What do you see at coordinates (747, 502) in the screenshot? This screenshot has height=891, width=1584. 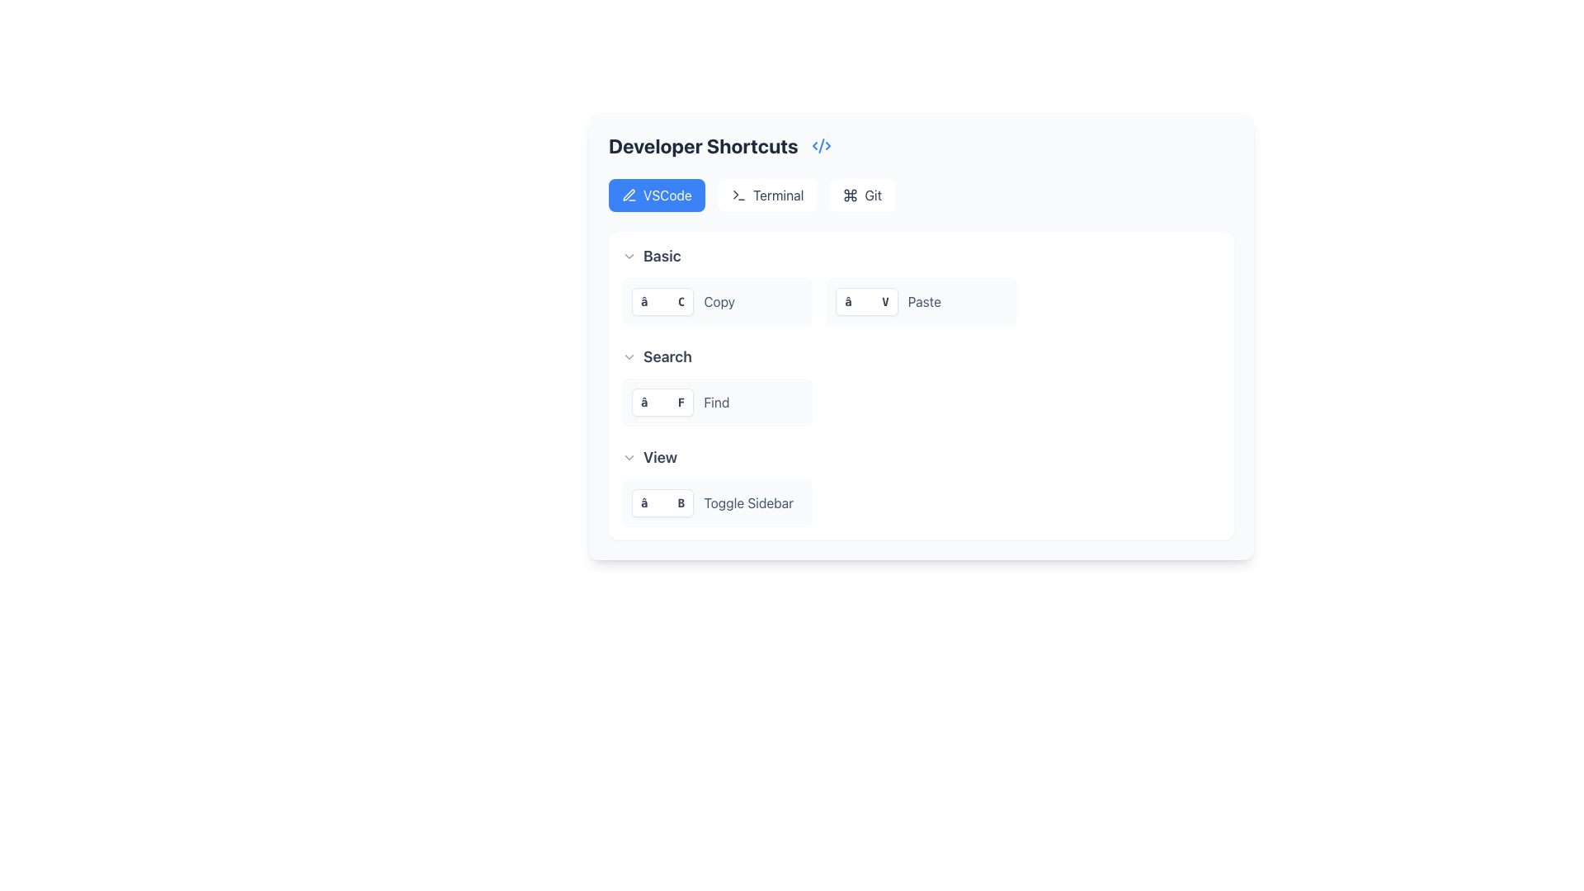 I see `text label indicating the action for toggling the sidebar, positioned to the right of the keyboard shortcut '⌘ B' within the 'View' section` at bounding box center [747, 502].